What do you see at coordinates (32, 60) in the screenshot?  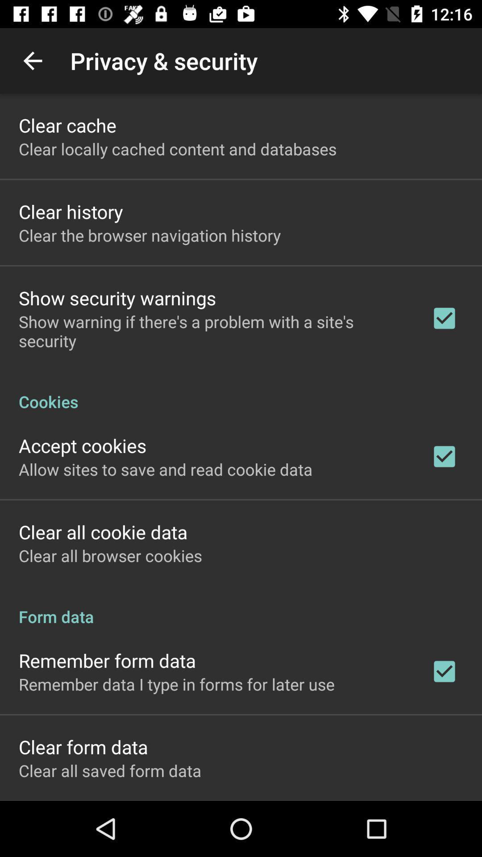 I see `app next to the privacy & security item` at bounding box center [32, 60].